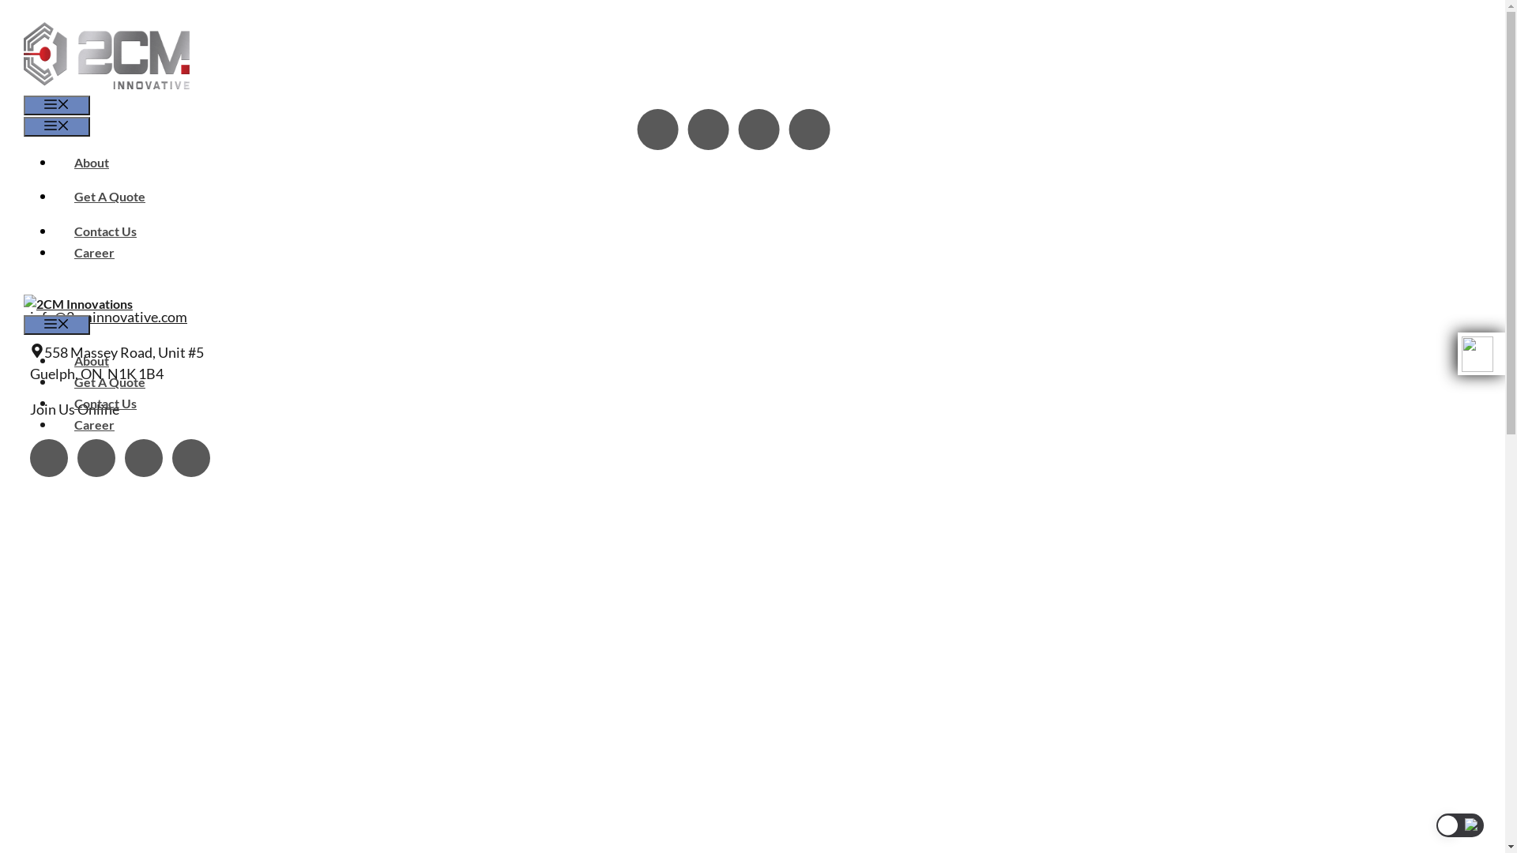 This screenshot has height=853, width=1517. What do you see at coordinates (30, 457) in the screenshot?
I see `'Instagram'` at bounding box center [30, 457].